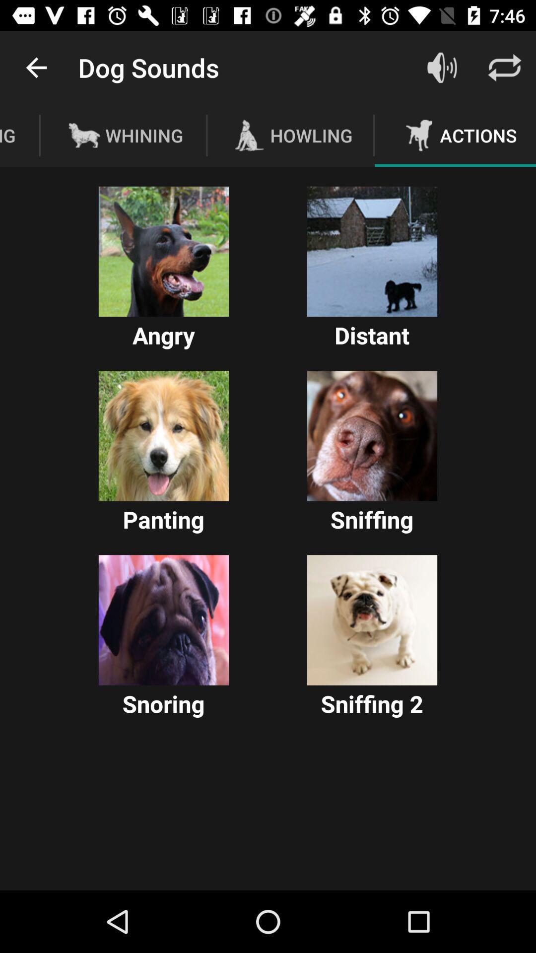  Describe the element at coordinates (163, 252) in the screenshot. I see `picture` at that location.